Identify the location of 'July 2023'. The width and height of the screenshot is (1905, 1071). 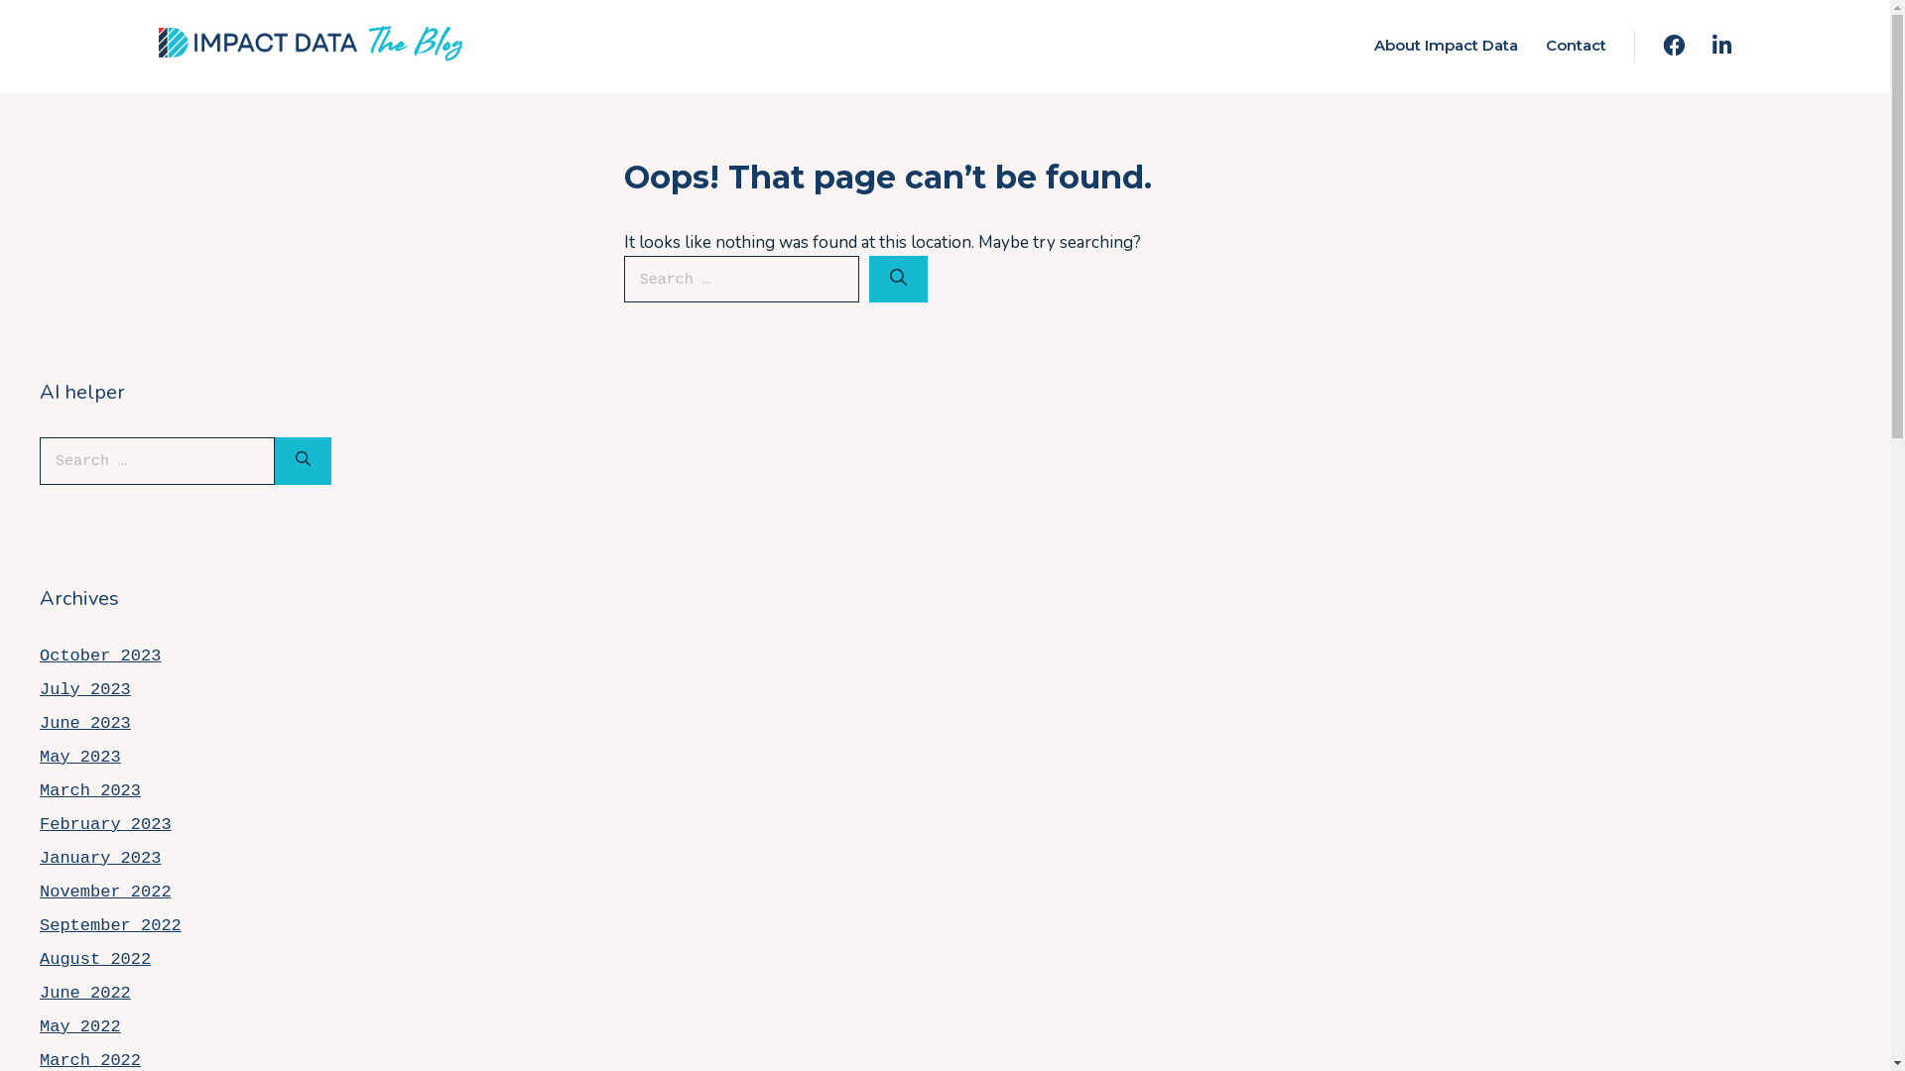
(84, 688).